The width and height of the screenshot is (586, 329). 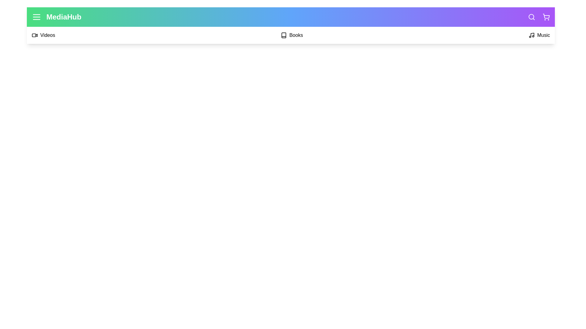 I want to click on the menu icon to toggle the menu visibility, so click(x=36, y=17).